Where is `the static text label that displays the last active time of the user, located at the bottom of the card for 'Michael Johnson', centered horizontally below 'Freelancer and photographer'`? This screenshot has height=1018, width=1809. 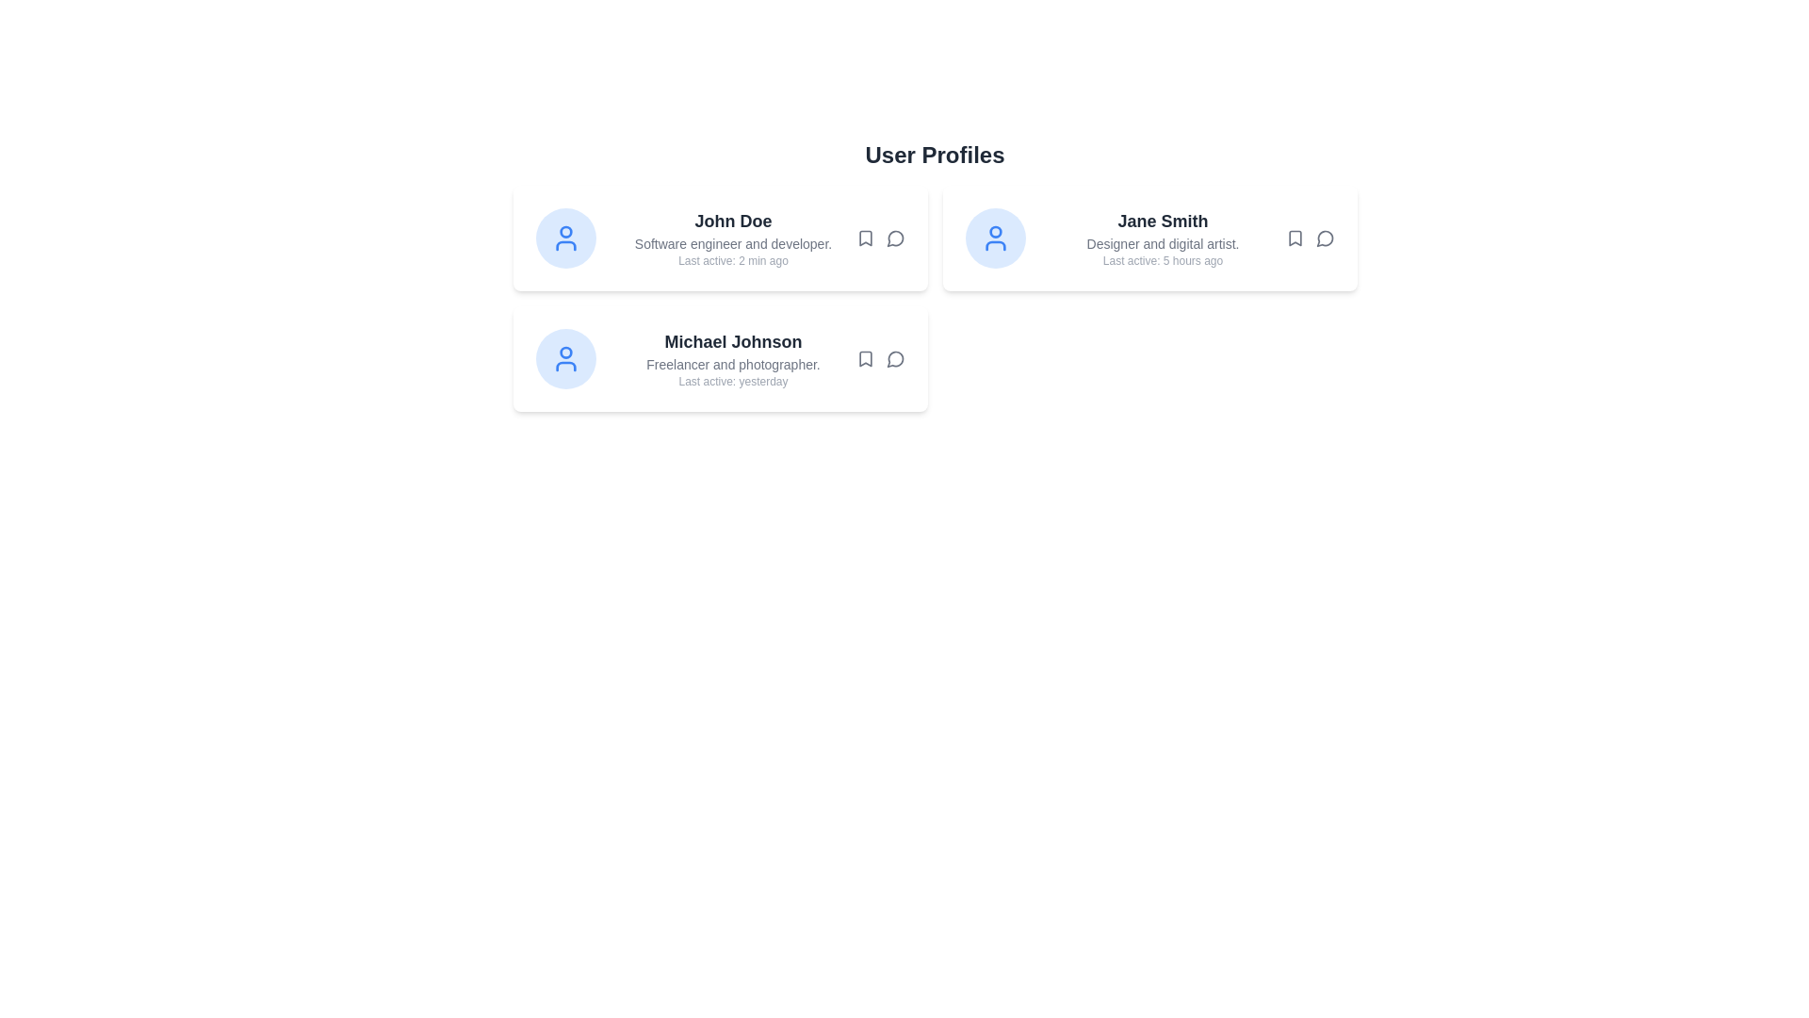 the static text label that displays the last active time of the user, located at the bottom of the card for 'Michael Johnson', centered horizontally below 'Freelancer and photographer' is located at coordinates (732, 382).